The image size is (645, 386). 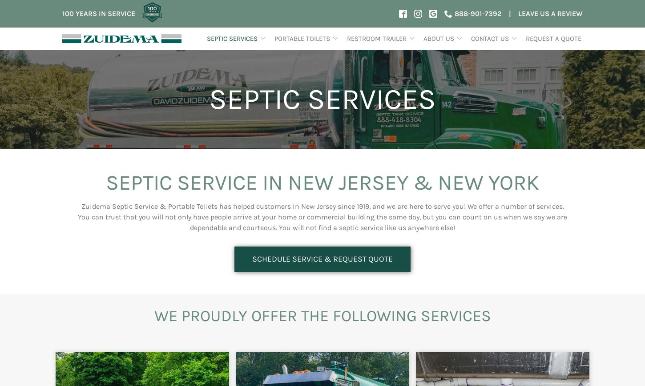 I want to click on 'Septic System Maintenance', so click(x=260, y=165).